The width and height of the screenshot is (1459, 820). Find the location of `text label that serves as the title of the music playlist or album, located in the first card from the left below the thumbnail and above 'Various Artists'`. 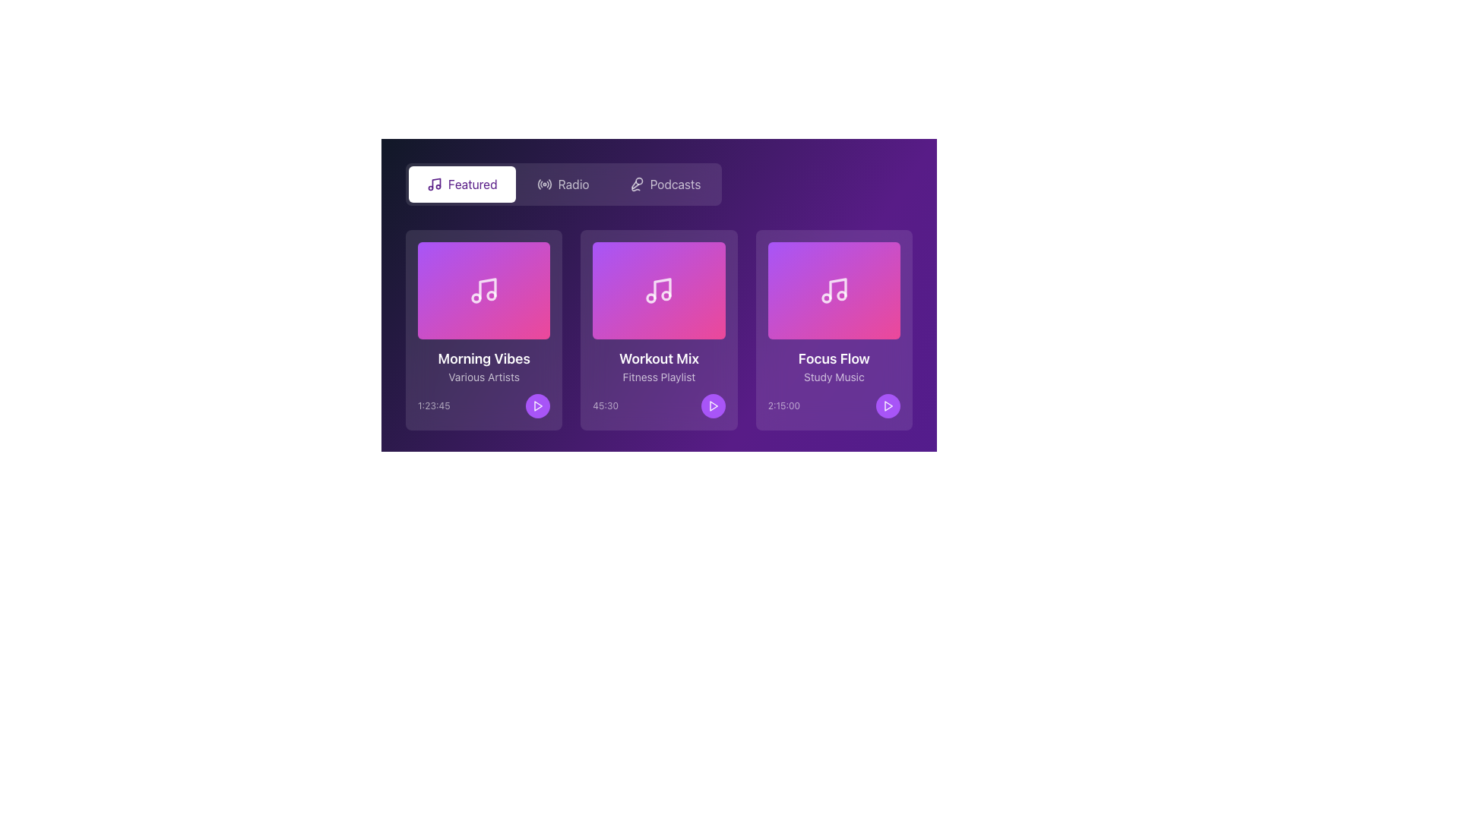

text label that serves as the title of the music playlist or album, located in the first card from the left below the thumbnail and above 'Various Artists' is located at coordinates (483, 359).